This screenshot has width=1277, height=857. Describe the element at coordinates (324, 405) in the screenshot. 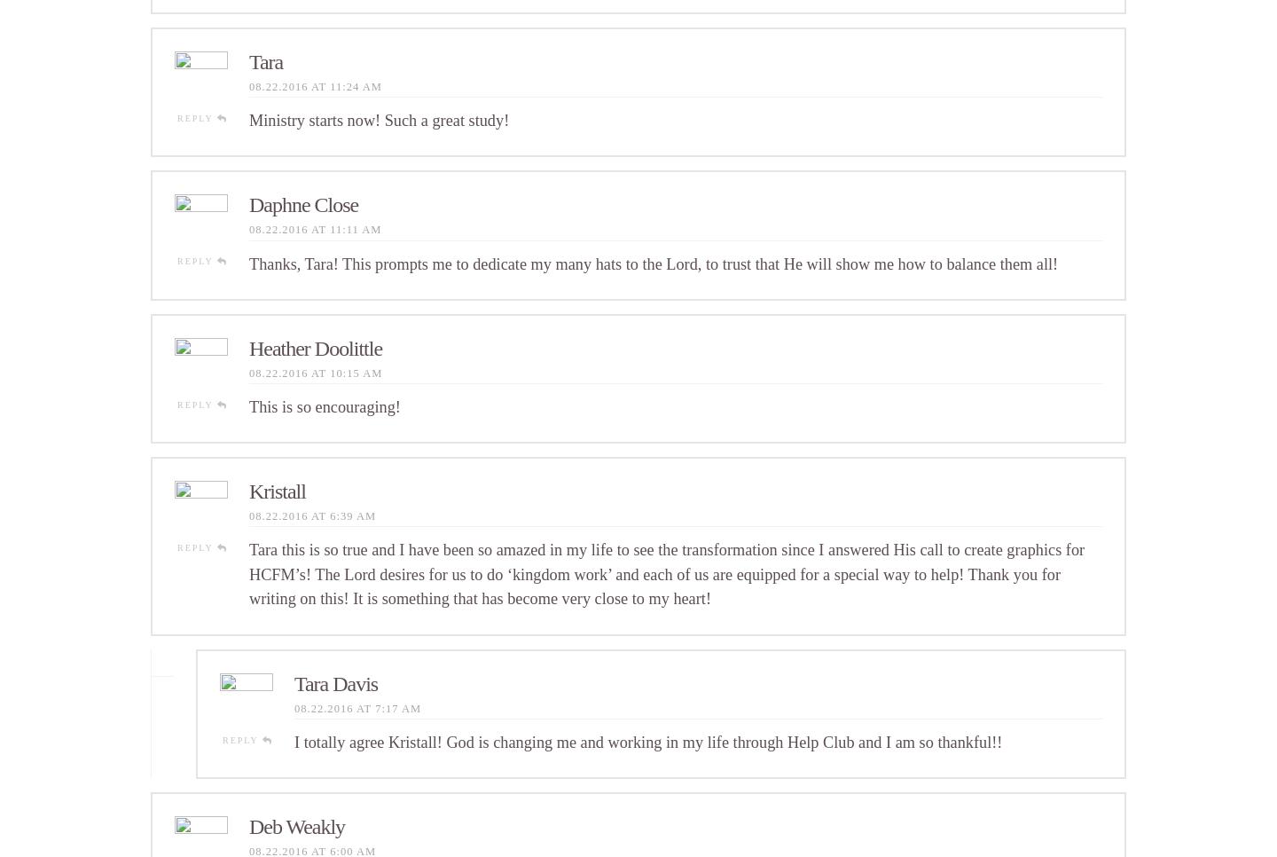

I see `'This is so encouraging!'` at that location.